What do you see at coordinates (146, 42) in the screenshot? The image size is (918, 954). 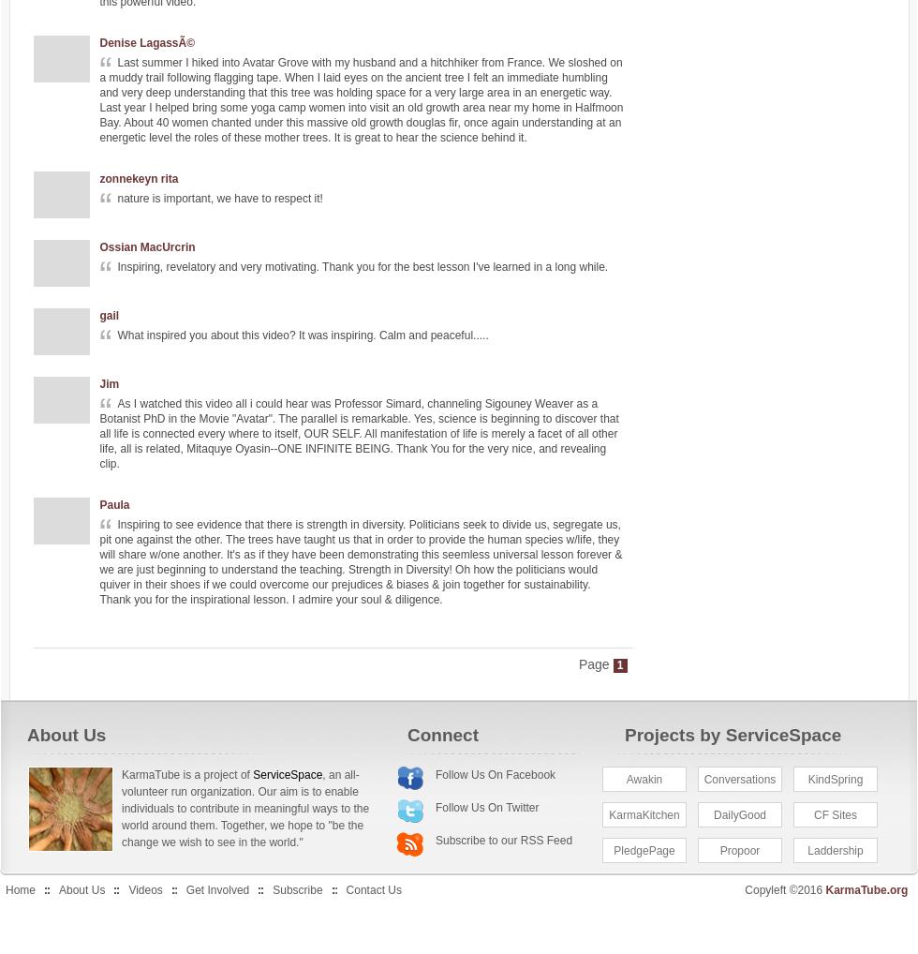 I see `'Denise LagassÃ©'` at bounding box center [146, 42].